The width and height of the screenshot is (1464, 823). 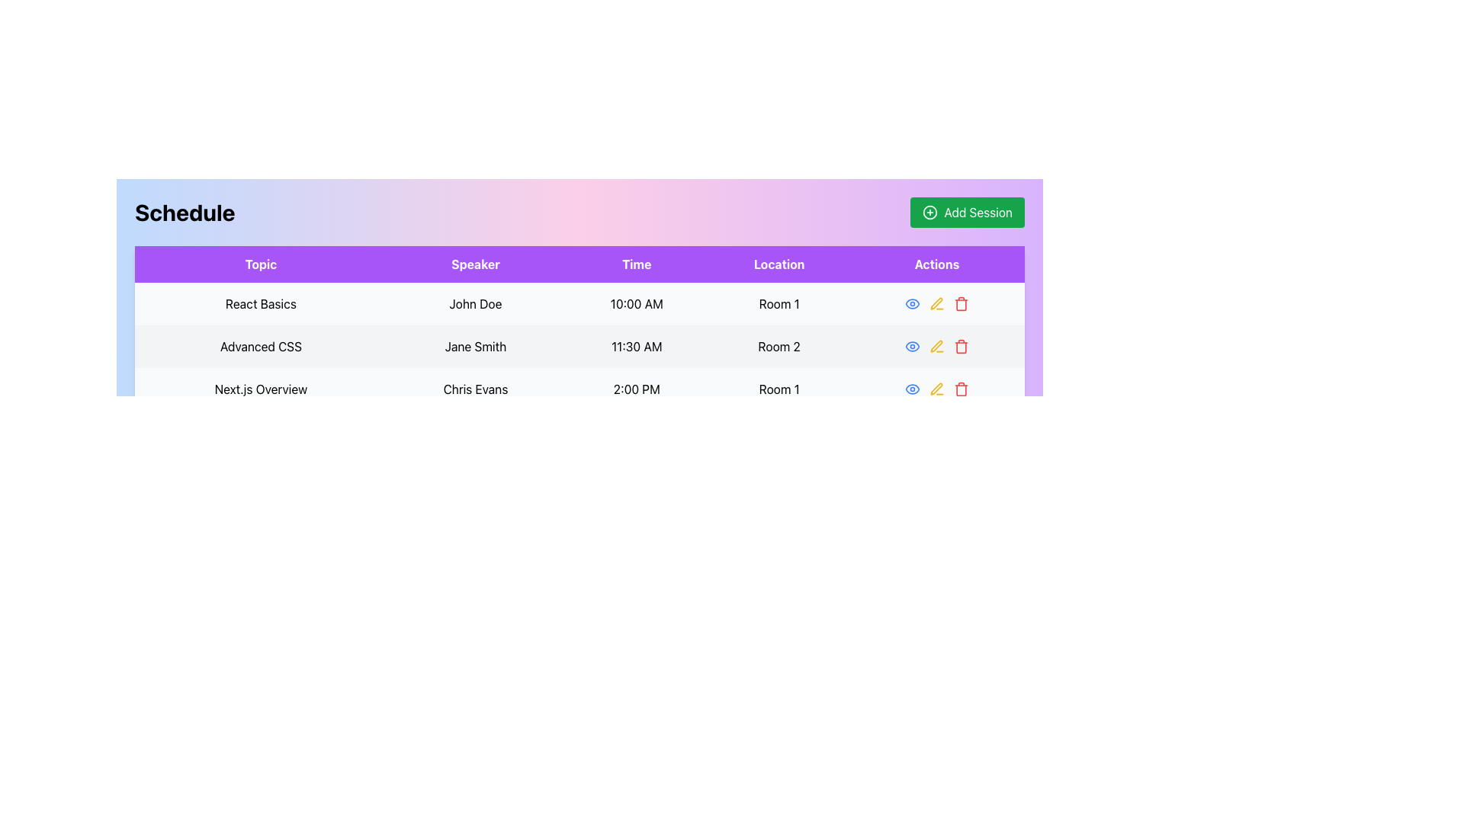 What do you see at coordinates (637, 388) in the screenshot?
I see `the text label indicating the scheduled time for the 'Next.js Overview' session, which is positioned in the 'Time' column for 'Chris Evans'` at bounding box center [637, 388].